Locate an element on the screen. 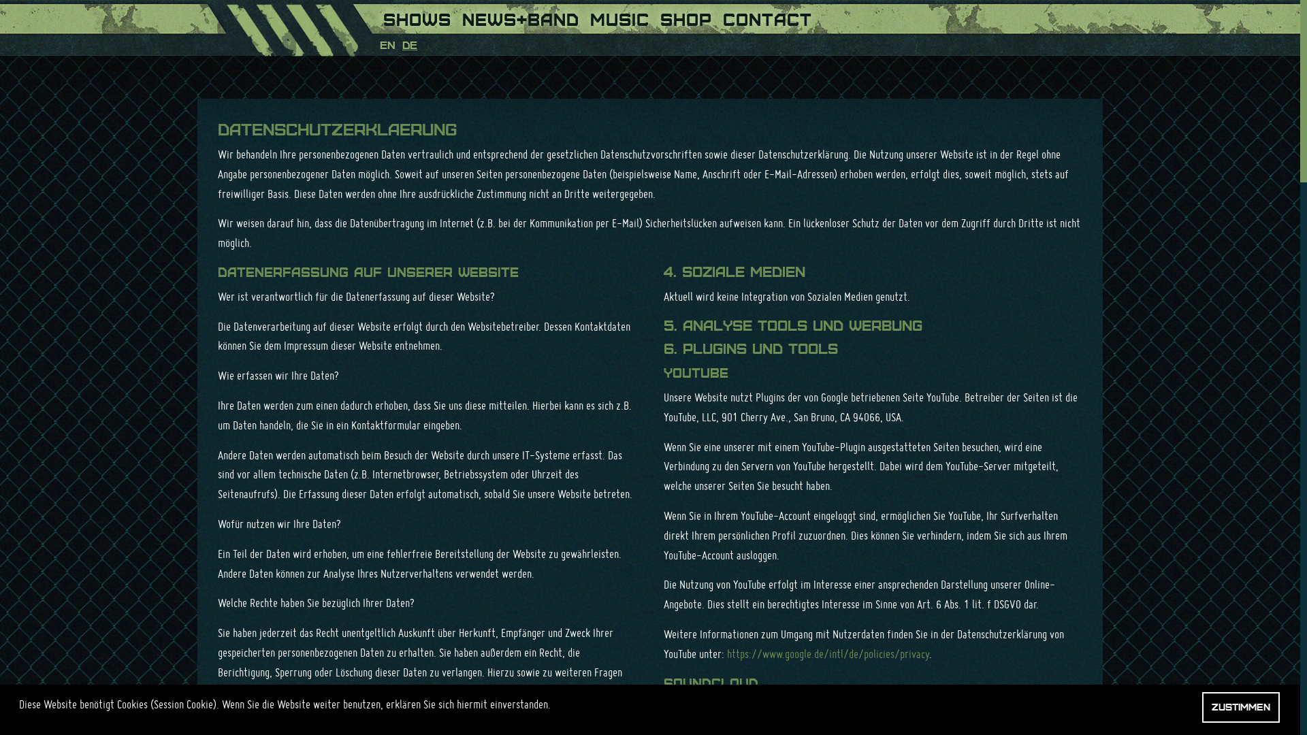 The image size is (1307, 735). 'MUSIC' is located at coordinates (619, 16).